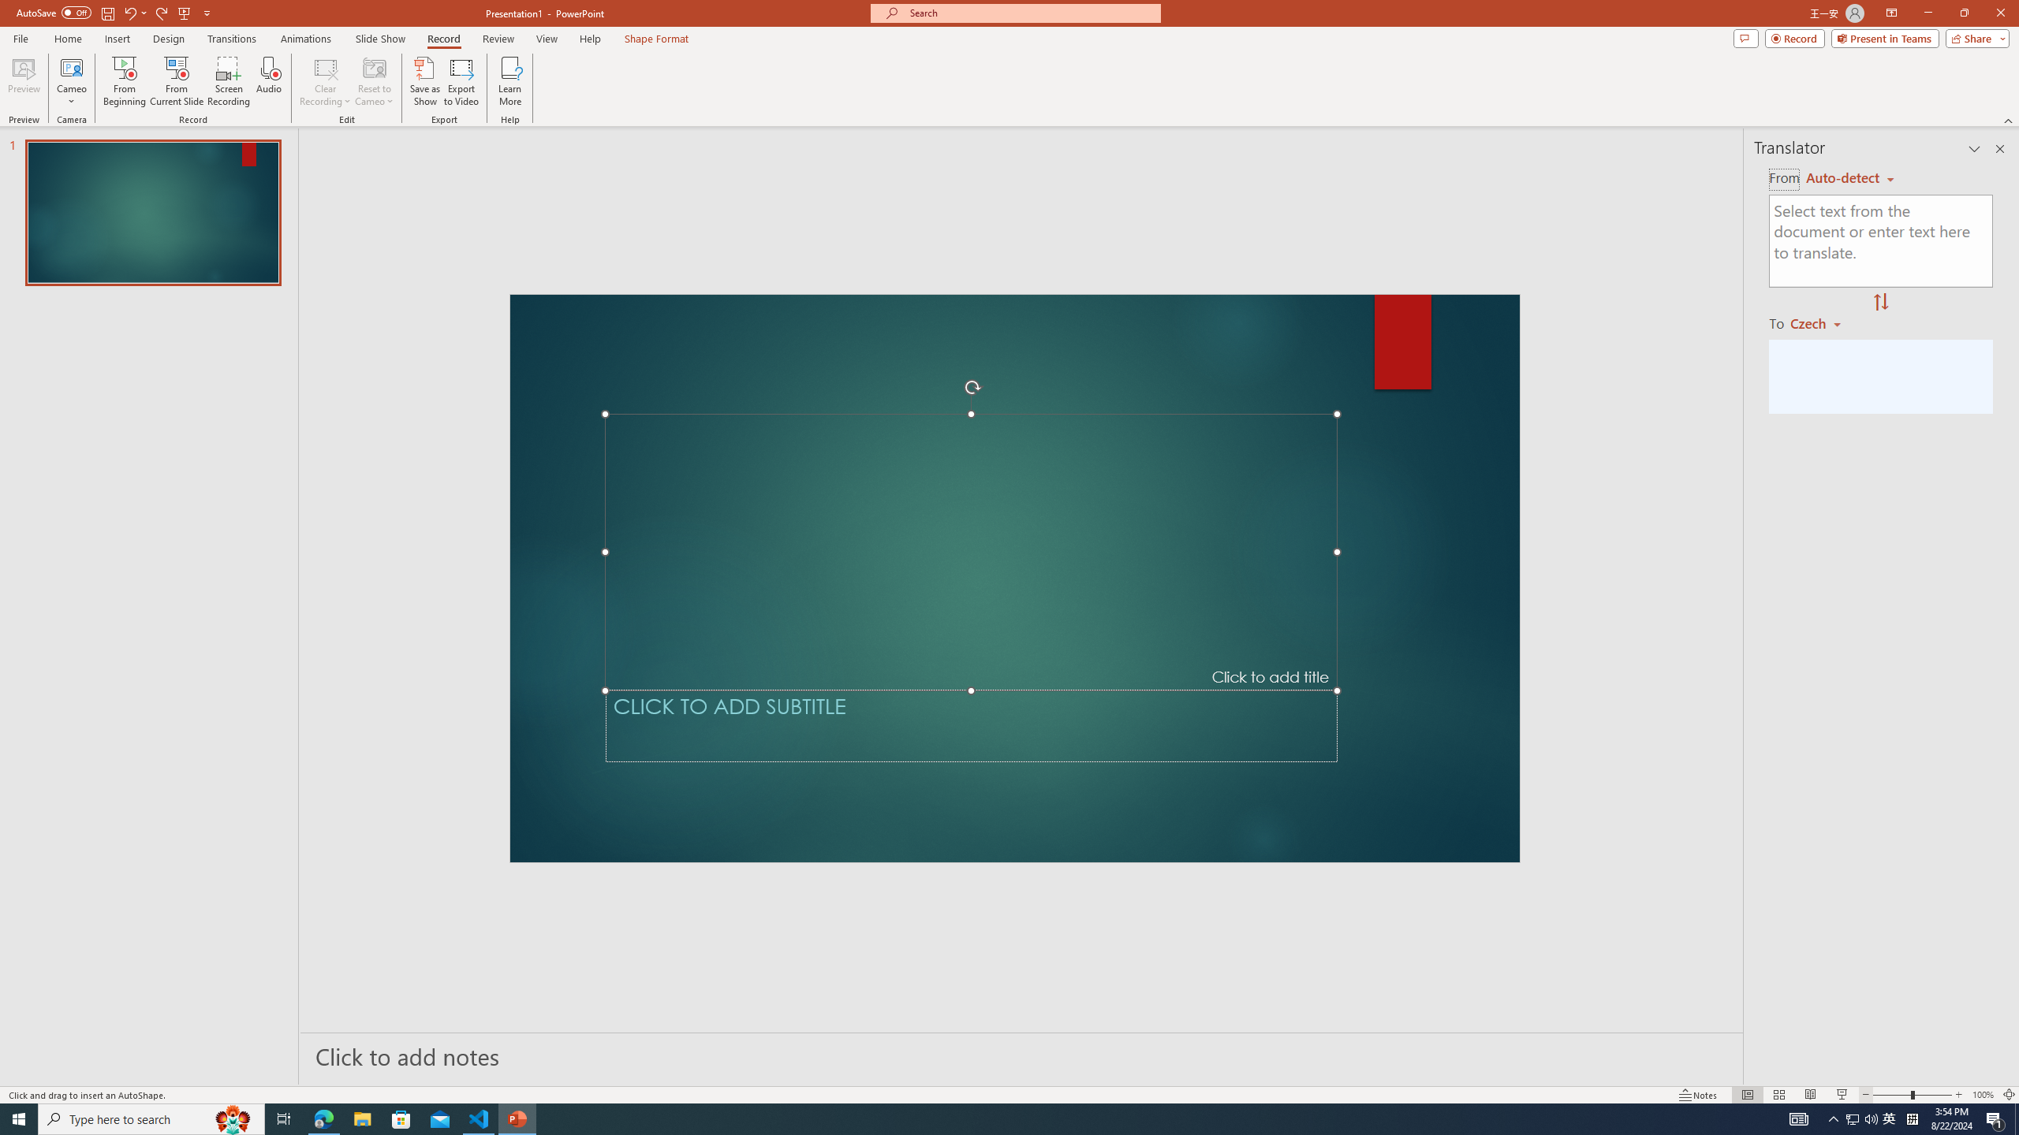 This screenshot has height=1135, width=2019. Describe the element at coordinates (1778, 1095) in the screenshot. I see `'Slide Sorter'` at that location.